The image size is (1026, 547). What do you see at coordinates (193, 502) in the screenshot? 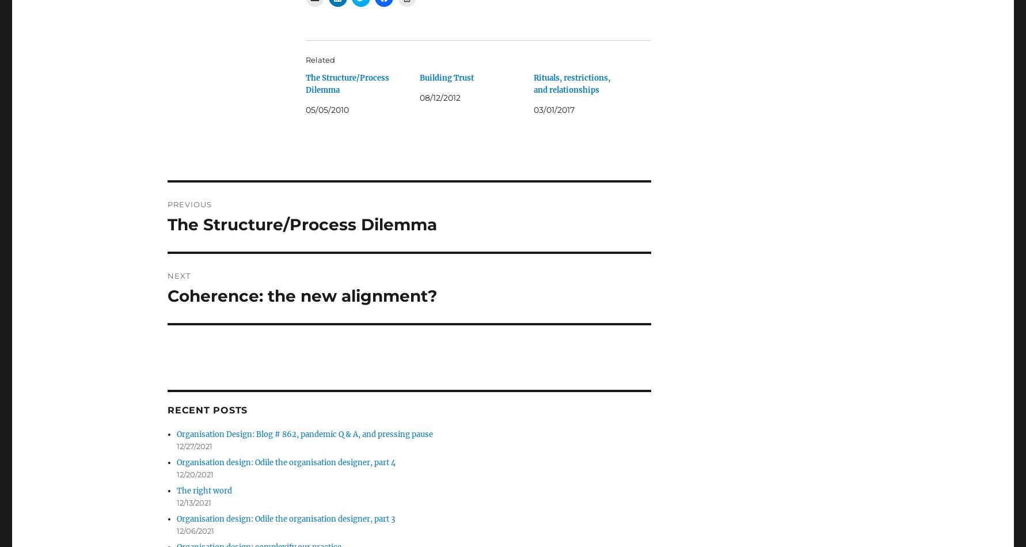
I see `'12/13/2021'` at bounding box center [193, 502].